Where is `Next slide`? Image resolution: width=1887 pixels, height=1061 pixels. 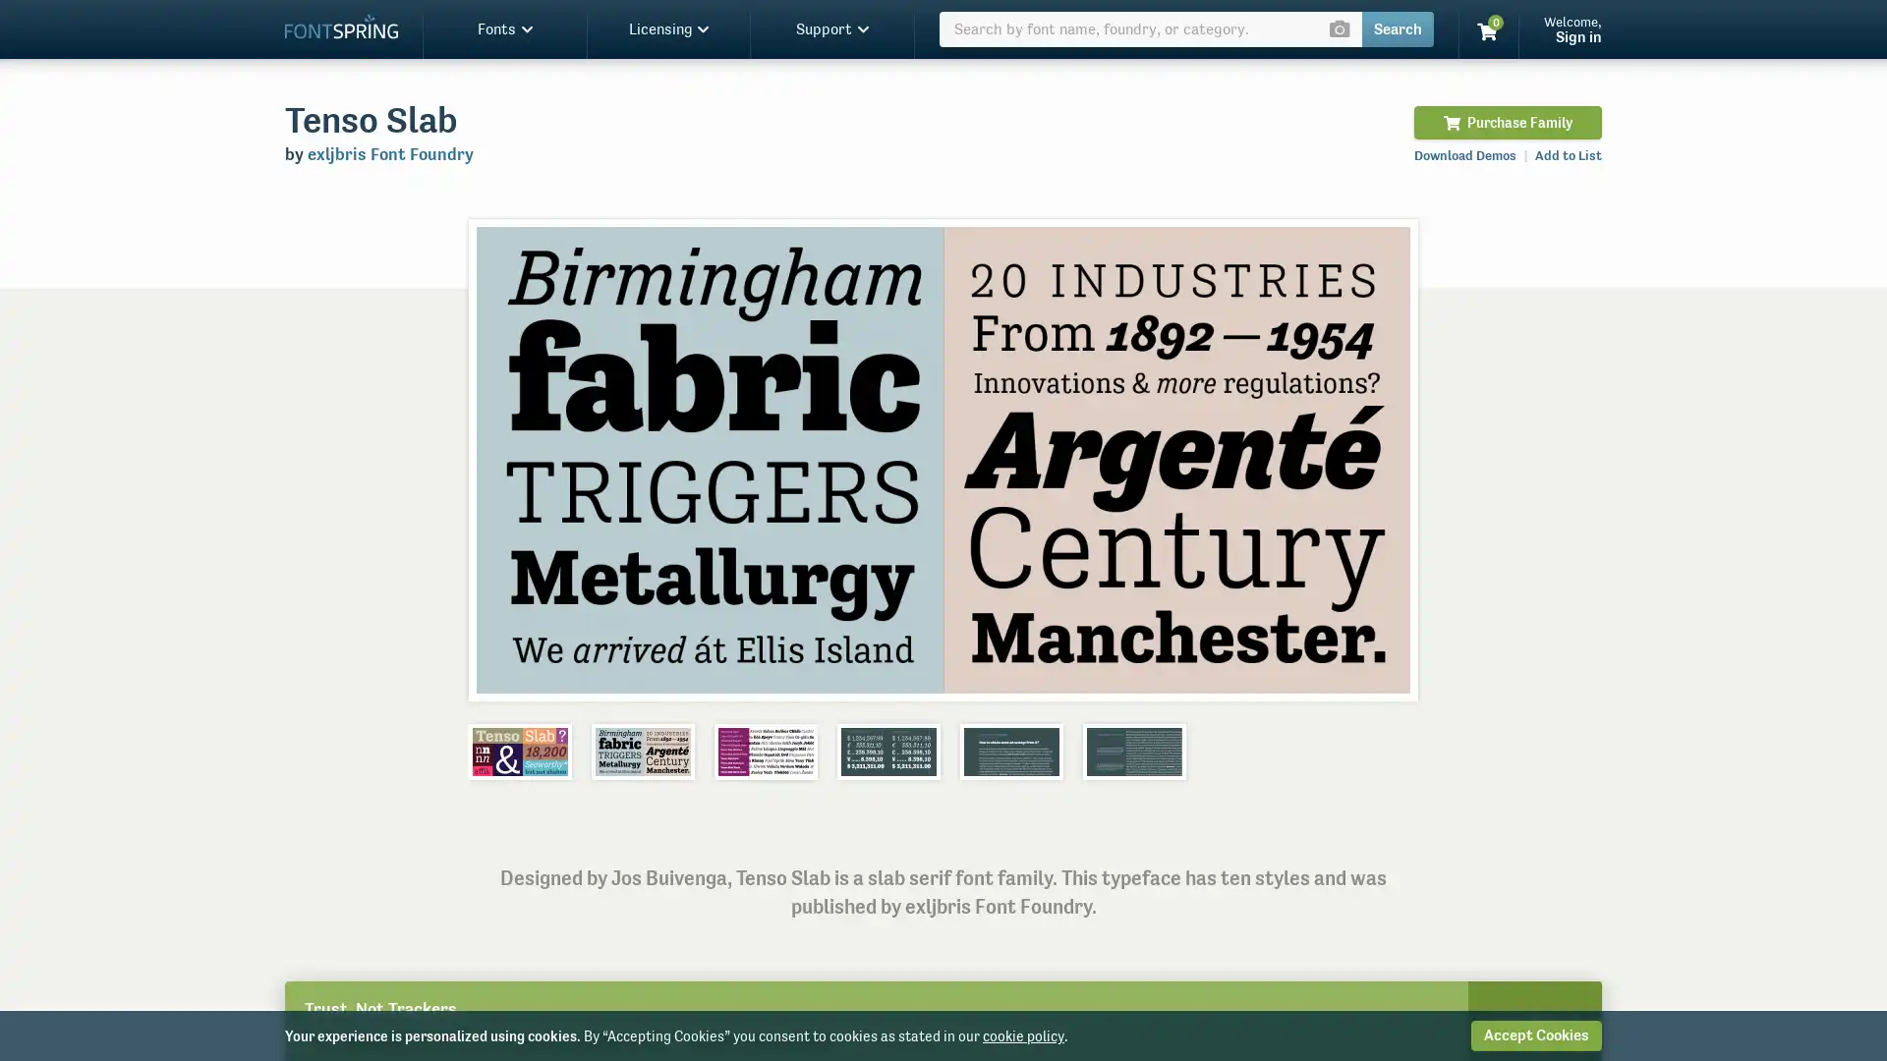
Next slide is located at coordinates (1380, 459).